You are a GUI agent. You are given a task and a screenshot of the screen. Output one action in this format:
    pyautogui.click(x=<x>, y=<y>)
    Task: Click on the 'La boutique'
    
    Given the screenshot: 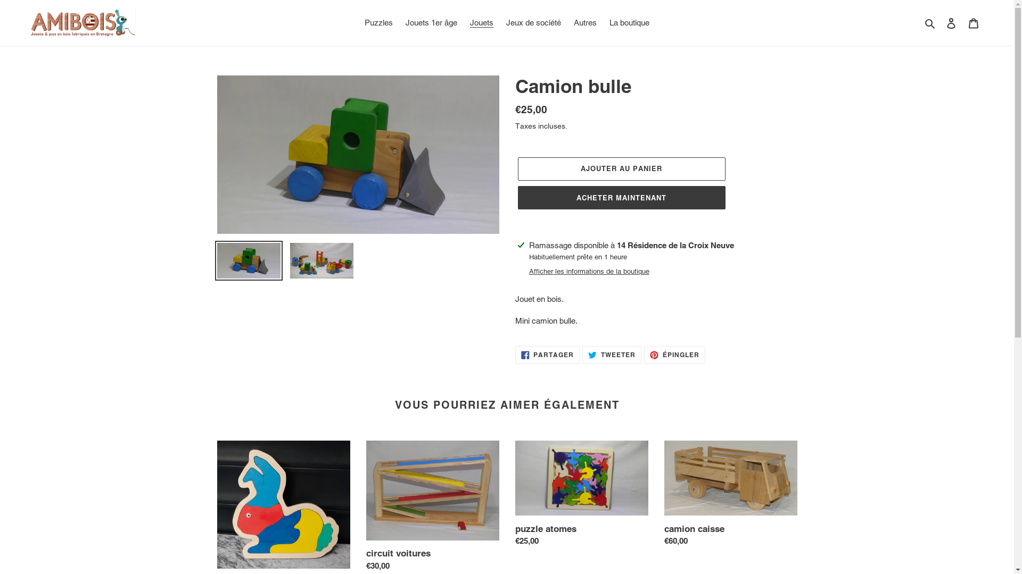 What is the action you would take?
    pyautogui.click(x=629, y=23)
    